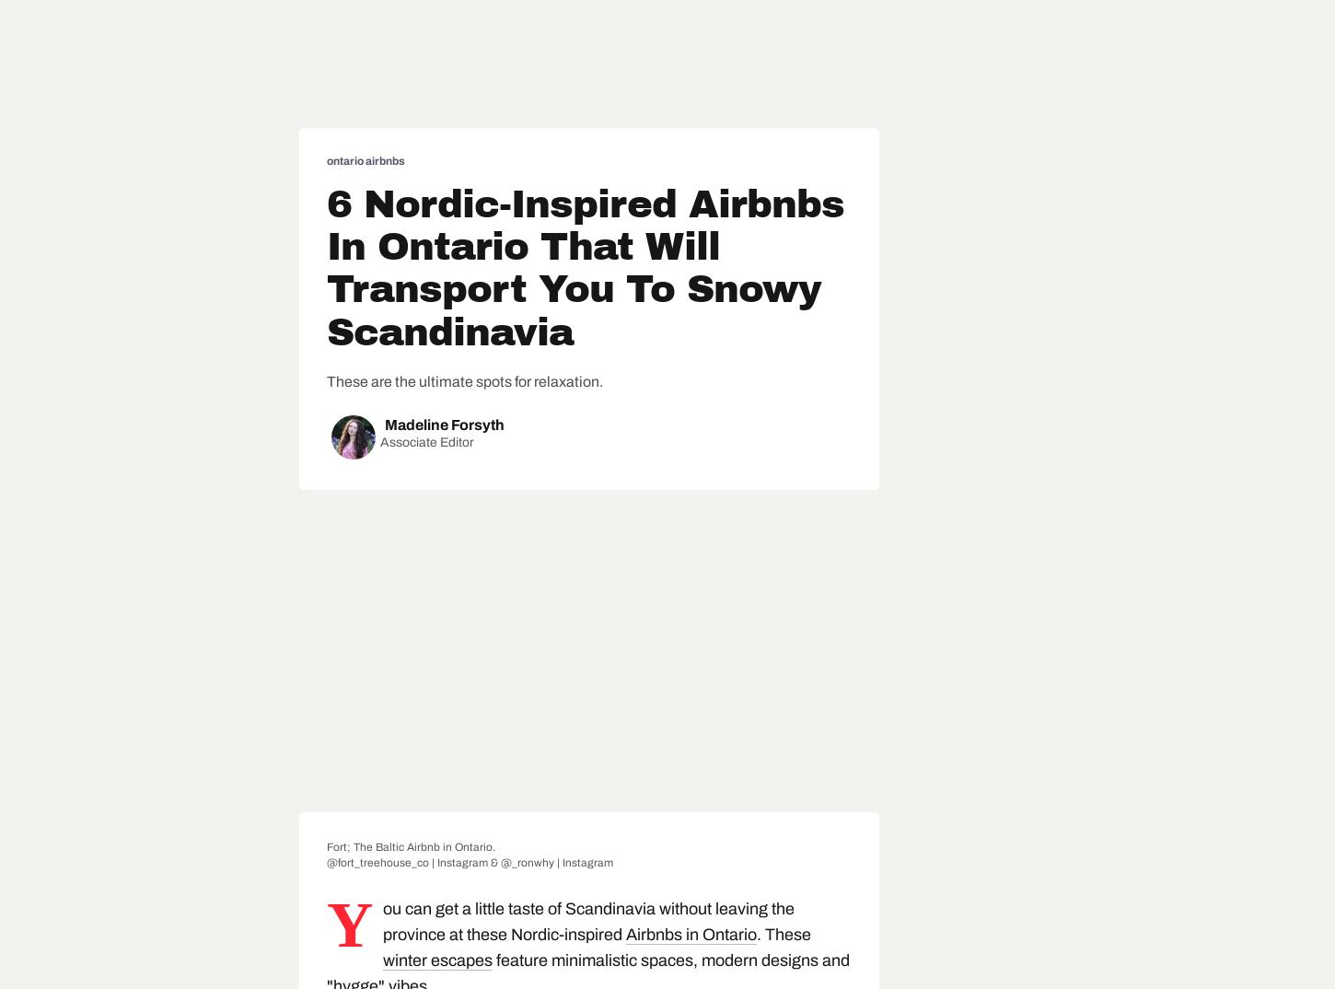 This screenshot has width=1335, height=989. What do you see at coordinates (435, 960) in the screenshot?
I see `'winter escapes'` at bounding box center [435, 960].